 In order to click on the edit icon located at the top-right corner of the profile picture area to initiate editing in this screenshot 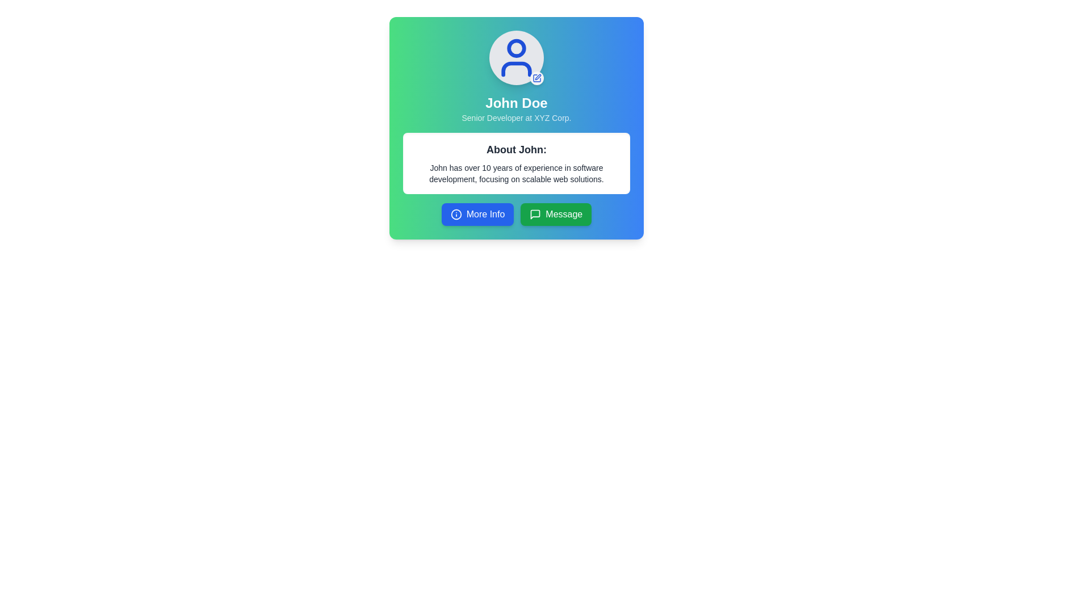, I will do `click(536, 78)`.